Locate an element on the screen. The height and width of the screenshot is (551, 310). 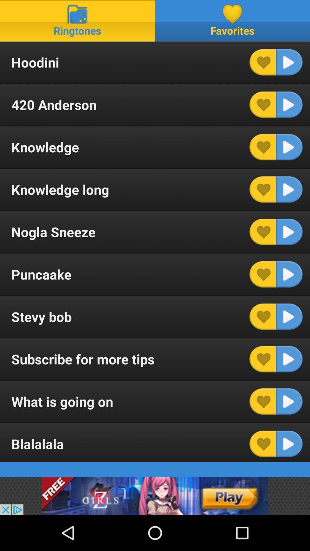
favorite is located at coordinates (263, 359).